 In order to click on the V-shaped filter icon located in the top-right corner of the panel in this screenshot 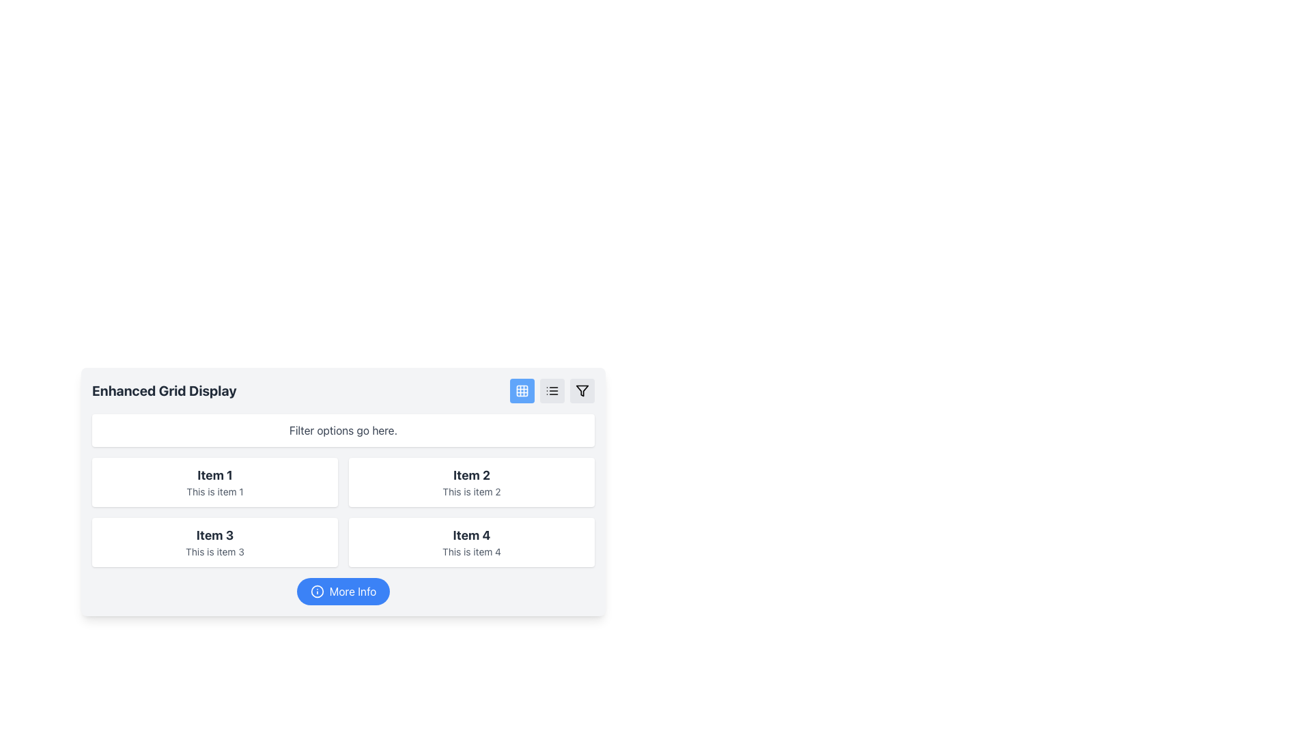, I will do `click(582, 391)`.